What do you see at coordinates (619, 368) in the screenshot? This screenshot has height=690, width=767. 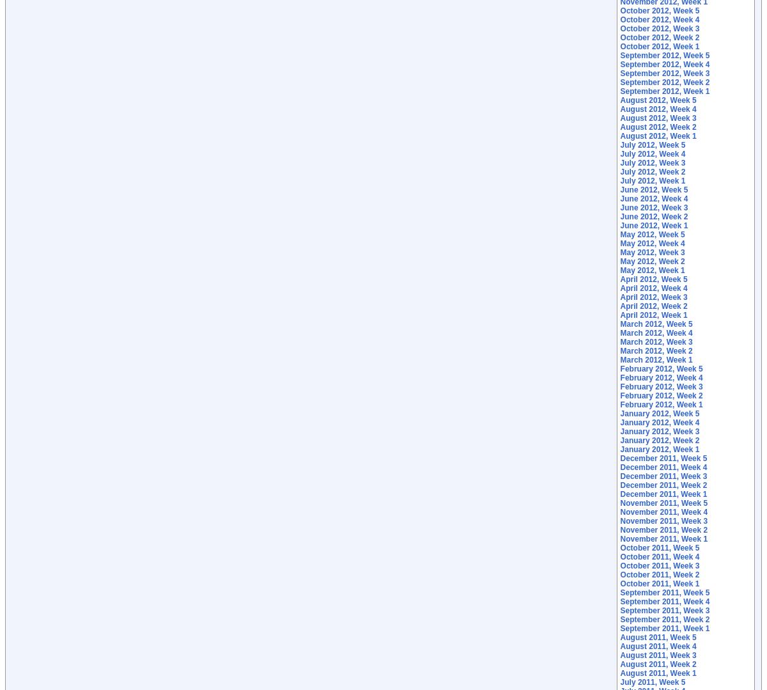 I see `'February 2012, Week 5'` at bounding box center [619, 368].